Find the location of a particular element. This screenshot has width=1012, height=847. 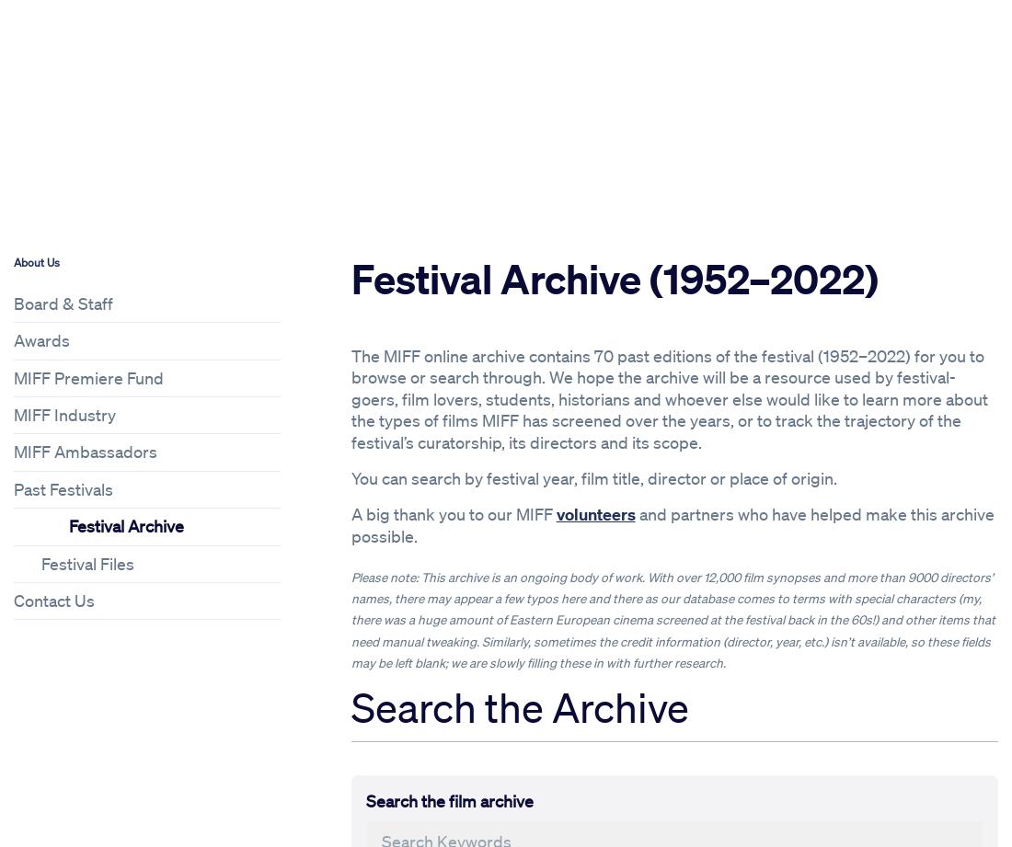

'MIFF Premiere Fund' is located at coordinates (88, 377).